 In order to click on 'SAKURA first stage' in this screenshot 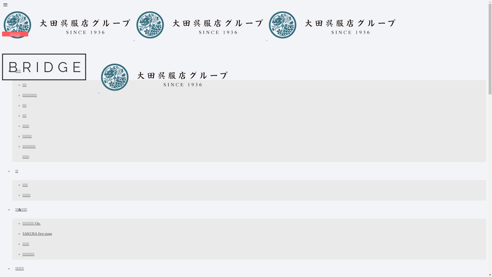, I will do `click(22, 234)`.